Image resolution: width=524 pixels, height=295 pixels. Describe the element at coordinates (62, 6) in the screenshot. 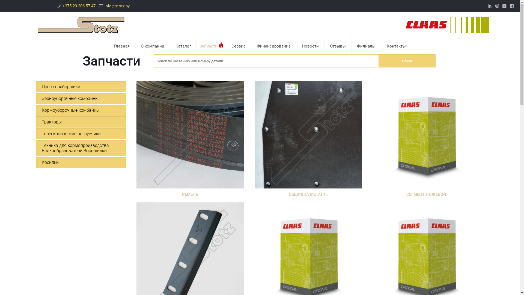

I see `'+375 29 306 57 47'` at that location.